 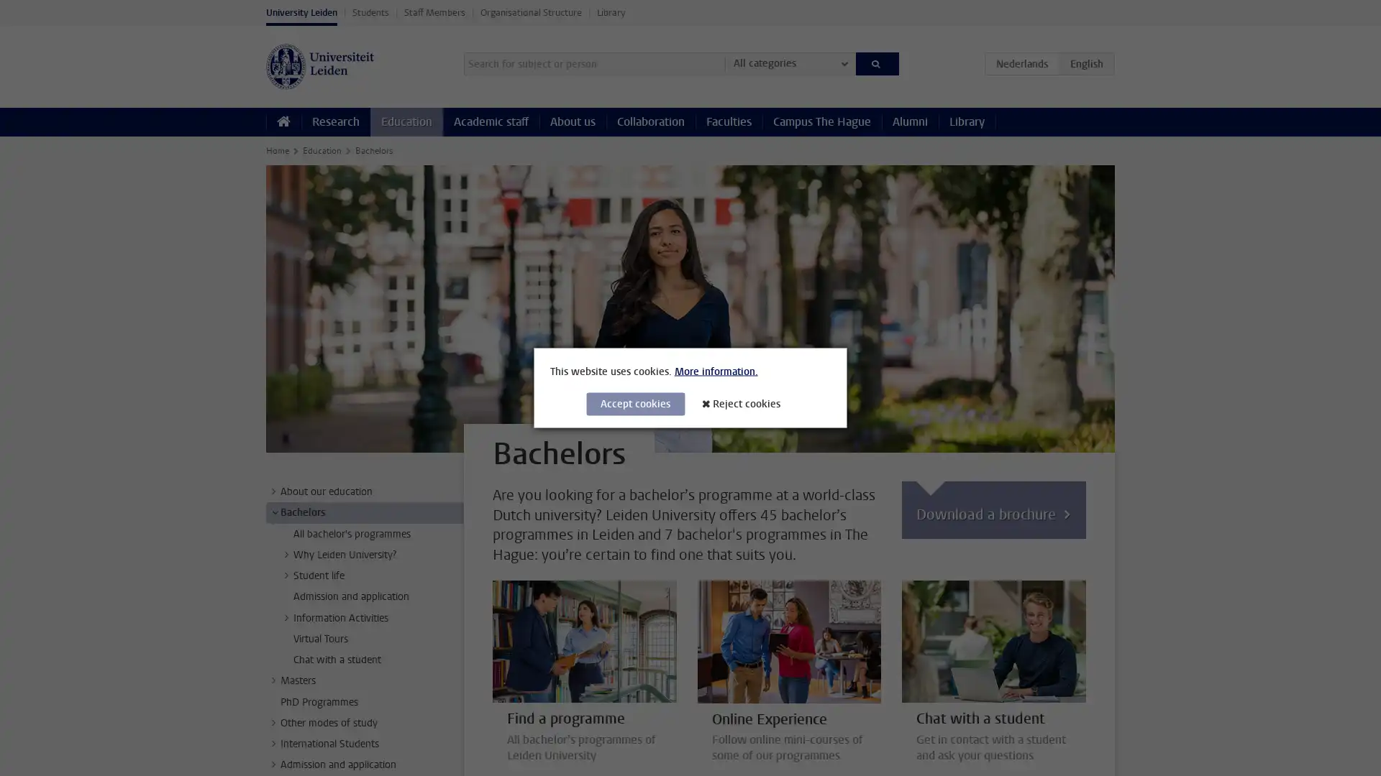 What do you see at coordinates (273, 722) in the screenshot?
I see `>` at bounding box center [273, 722].